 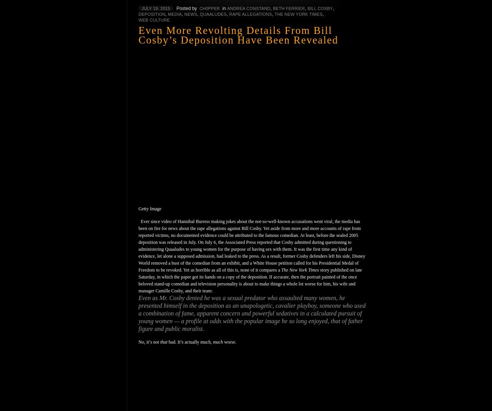 I want to click on 'deposition', so click(x=151, y=14).